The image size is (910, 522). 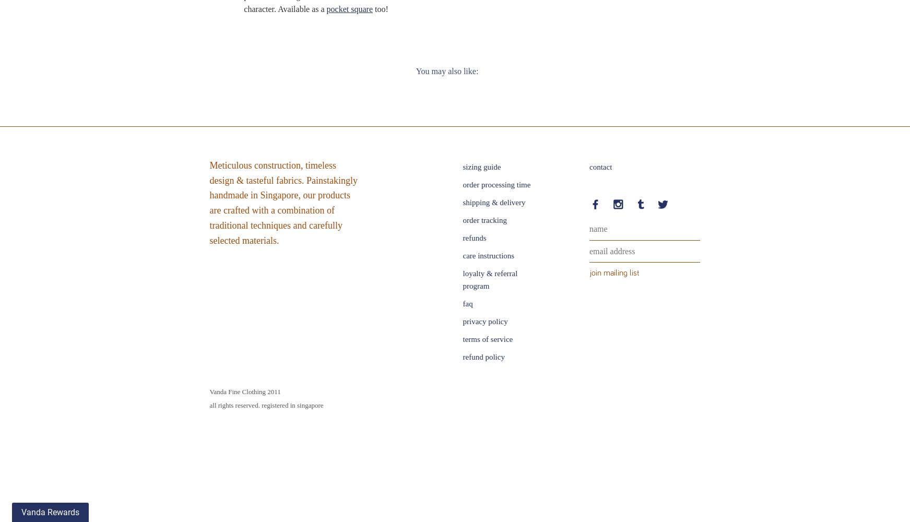 What do you see at coordinates (349, 9) in the screenshot?
I see `'pocket square'` at bounding box center [349, 9].